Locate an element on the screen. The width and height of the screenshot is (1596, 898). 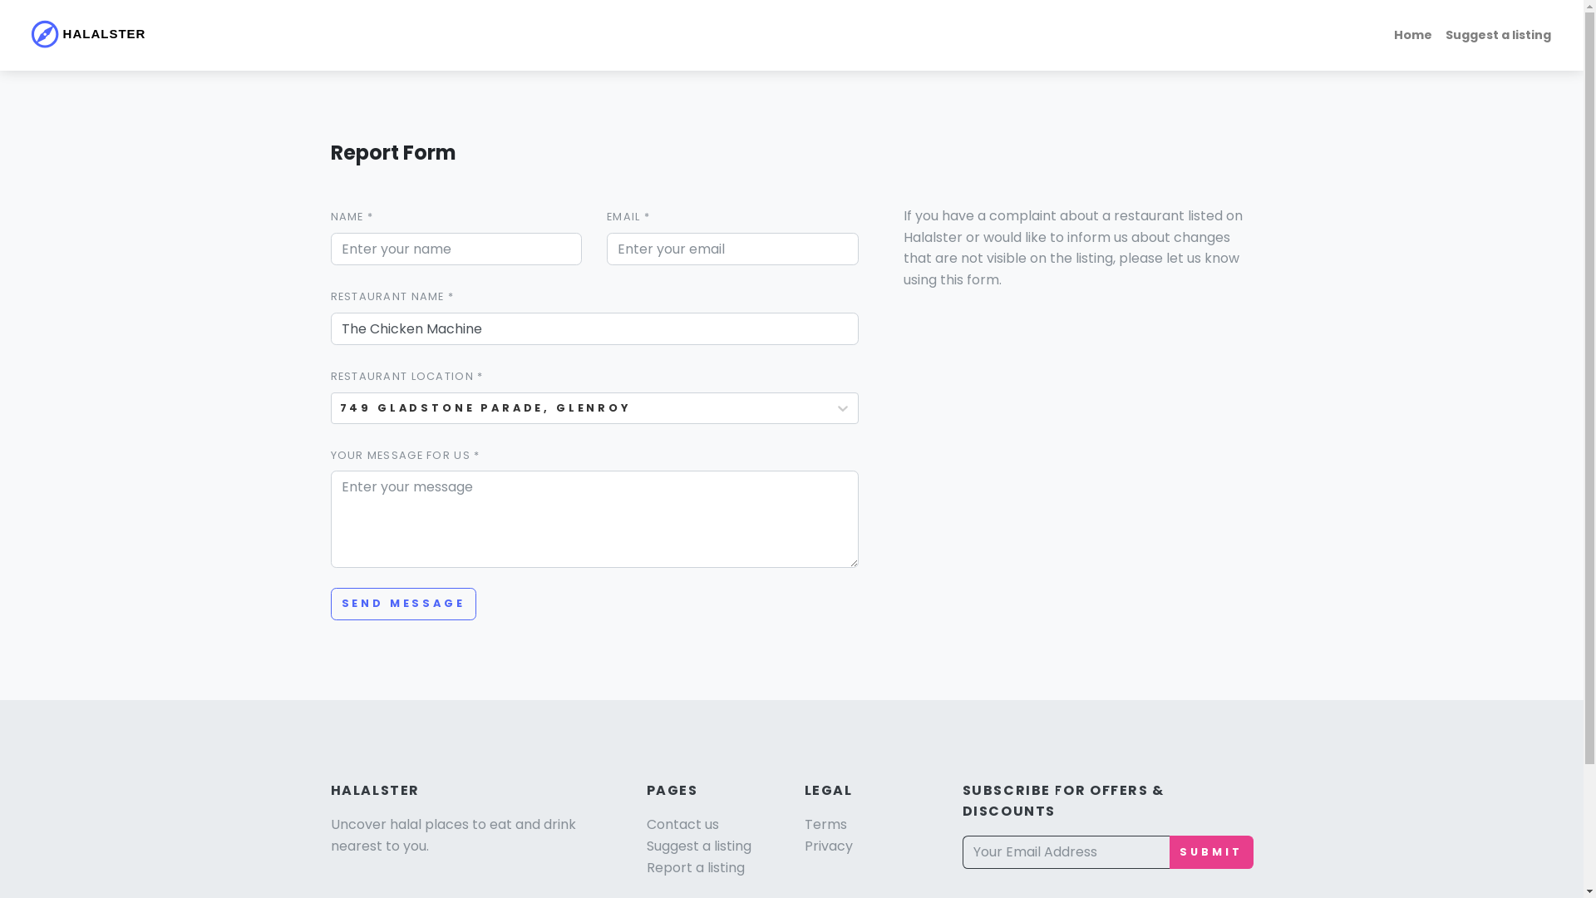
'SEND MESSAGE' is located at coordinates (403, 604).